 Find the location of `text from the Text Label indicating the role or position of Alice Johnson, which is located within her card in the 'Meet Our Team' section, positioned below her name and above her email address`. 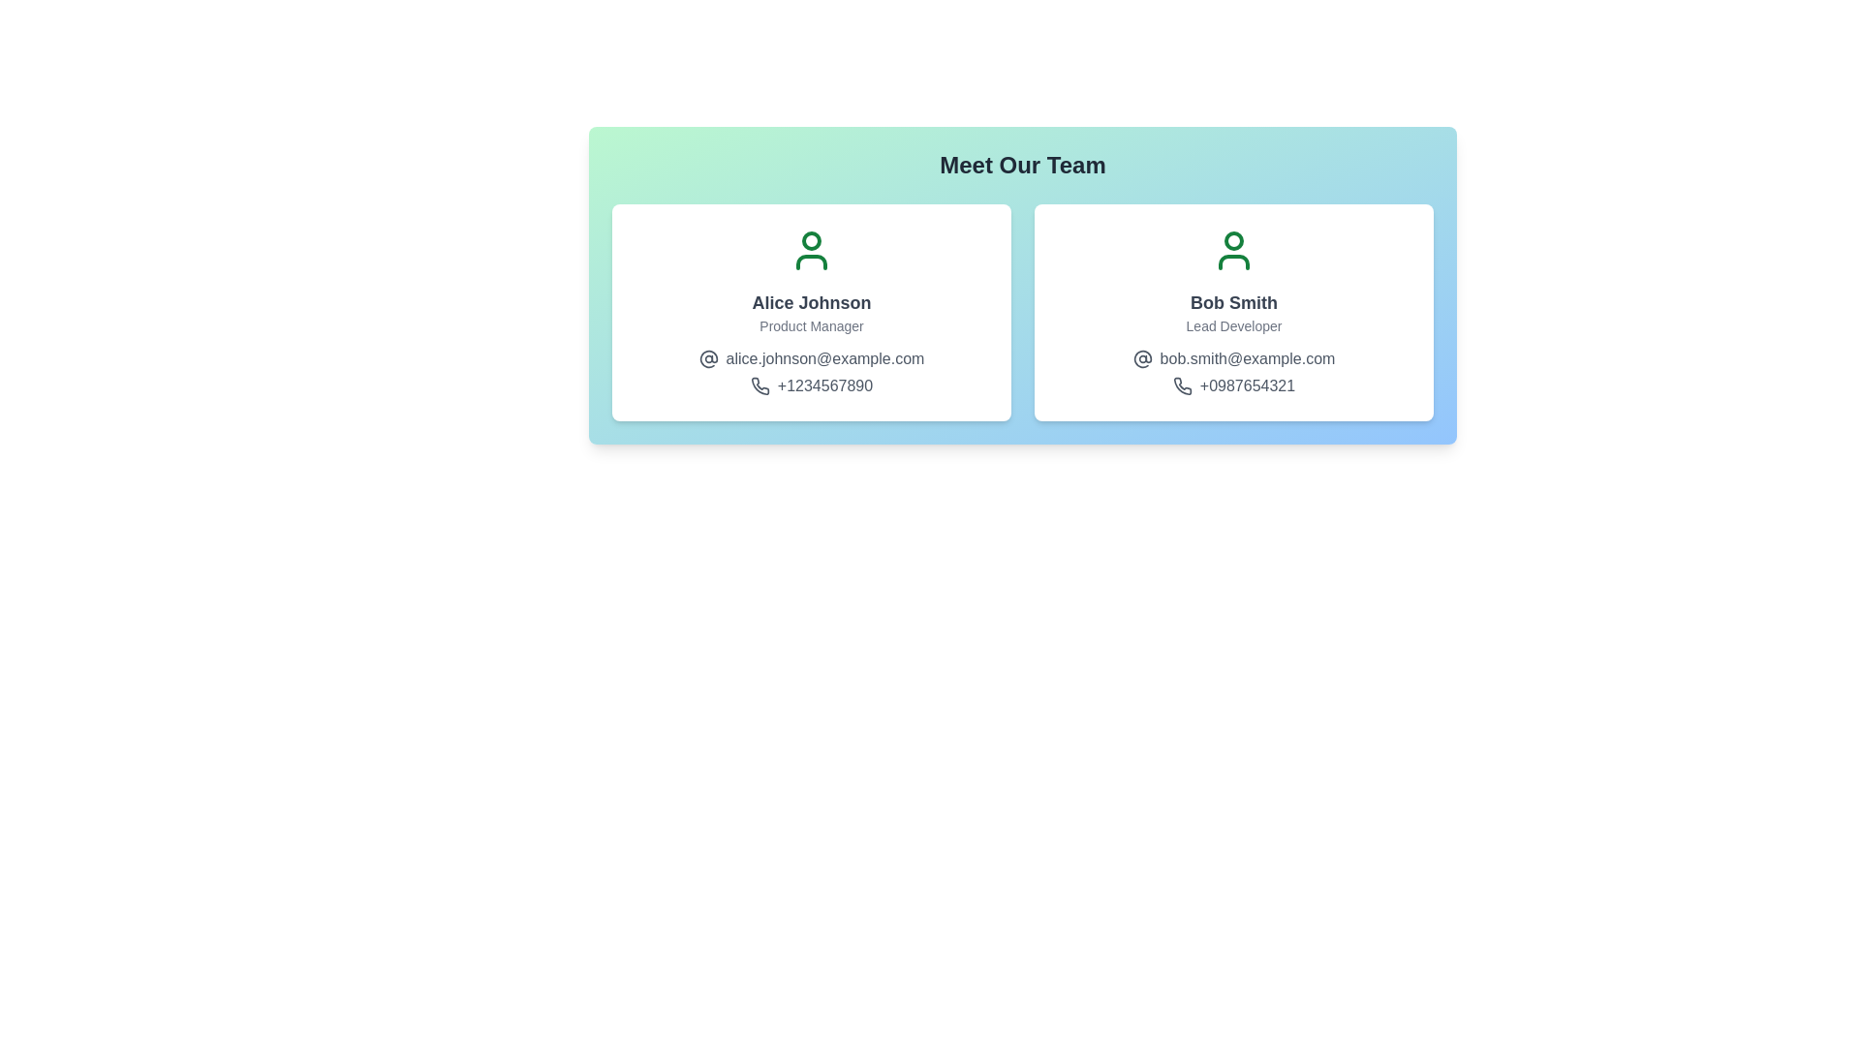

text from the Text Label indicating the role or position of Alice Johnson, which is located within her card in the 'Meet Our Team' section, positioned below her name and above her email address is located at coordinates (812, 324).